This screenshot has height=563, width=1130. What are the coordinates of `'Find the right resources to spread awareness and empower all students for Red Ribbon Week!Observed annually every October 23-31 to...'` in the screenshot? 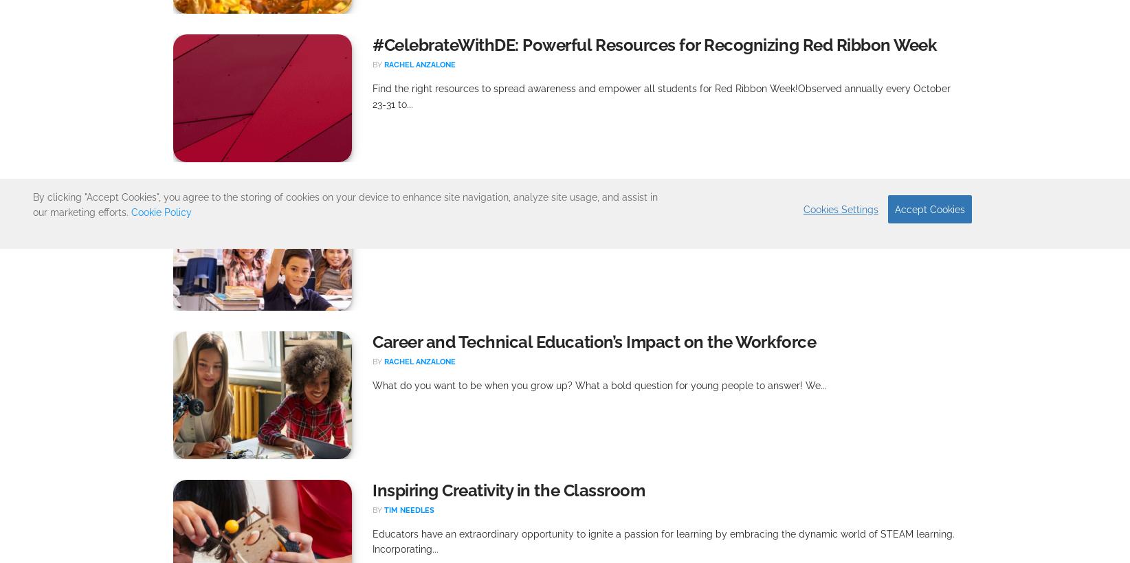 It's located at (372, 95).